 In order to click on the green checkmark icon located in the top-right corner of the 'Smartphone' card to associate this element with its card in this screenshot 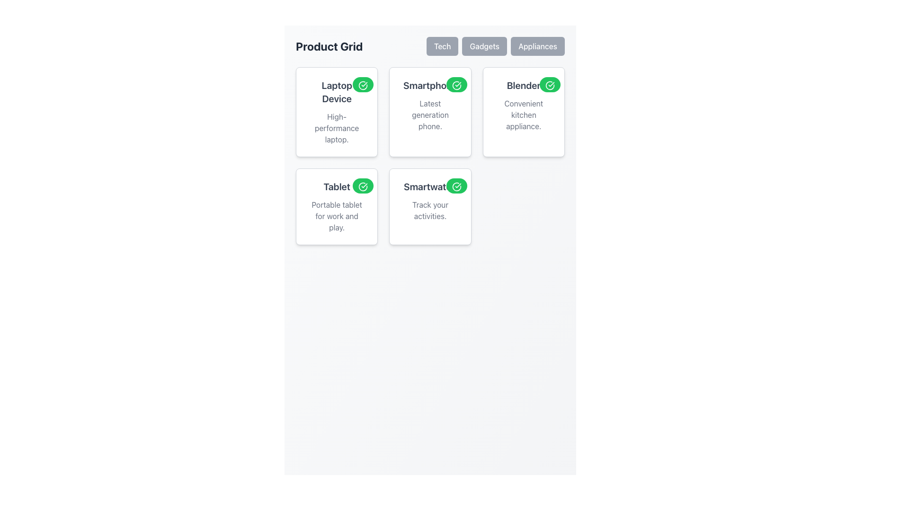, I will do `click(456, 85)`.